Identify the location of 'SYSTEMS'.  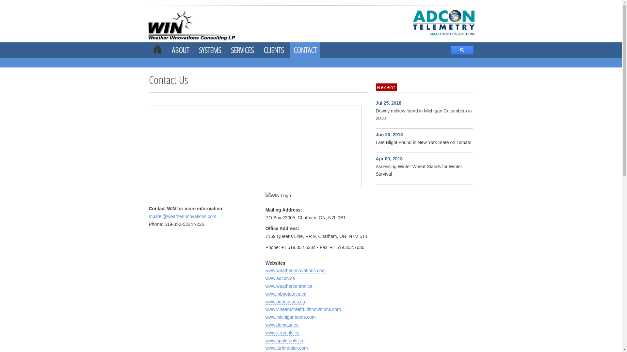
(198, 50).